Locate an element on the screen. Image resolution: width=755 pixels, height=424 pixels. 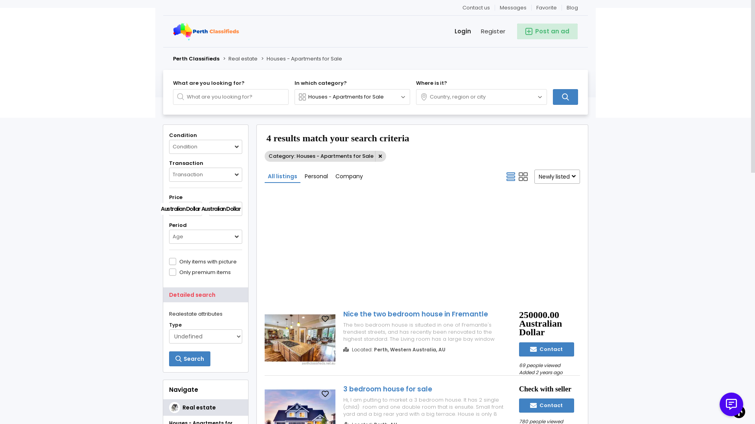
'Personal' is located at coordinates (316, 175).